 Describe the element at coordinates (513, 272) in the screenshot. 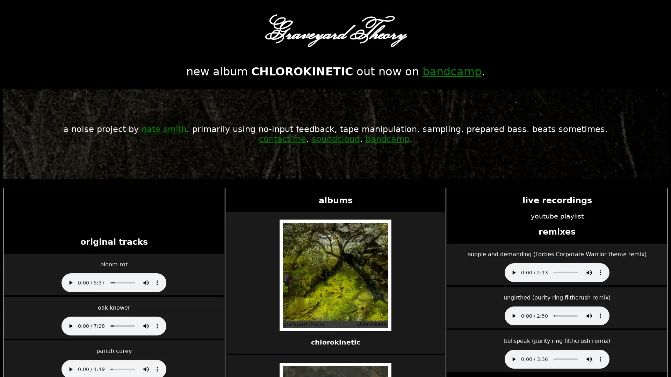

I see `play` at that location.